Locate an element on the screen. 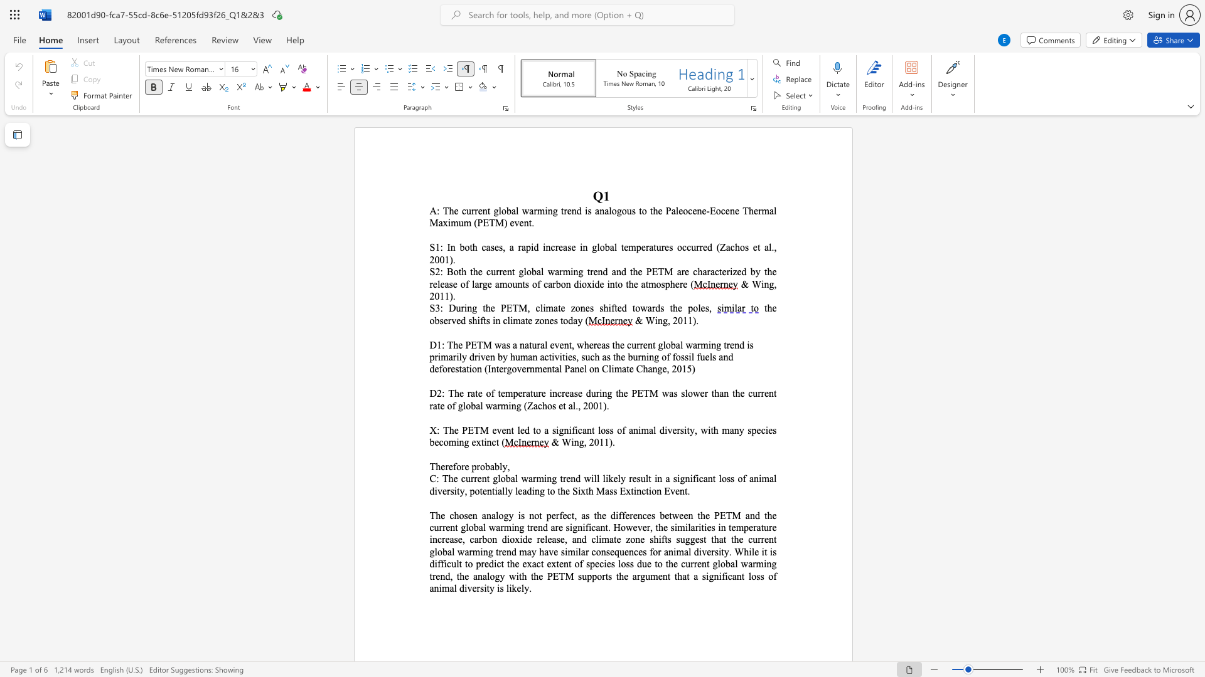 The height and width of the screenshot is (677, 1205). the subset text "emperature i" within the text "D2: The rate of temperature i" is located at coordinates (500, 392).